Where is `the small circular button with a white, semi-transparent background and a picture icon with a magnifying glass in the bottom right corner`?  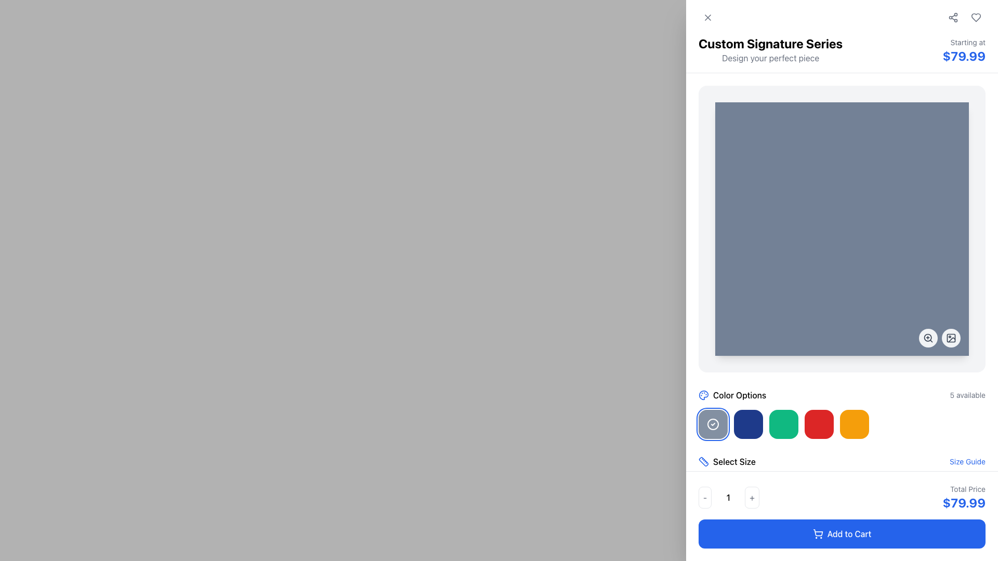 the small circular button with a white, semi-transparent background and a picture icon with a magnifying glass in the bottom right corner is located at coordinates (940, 338).